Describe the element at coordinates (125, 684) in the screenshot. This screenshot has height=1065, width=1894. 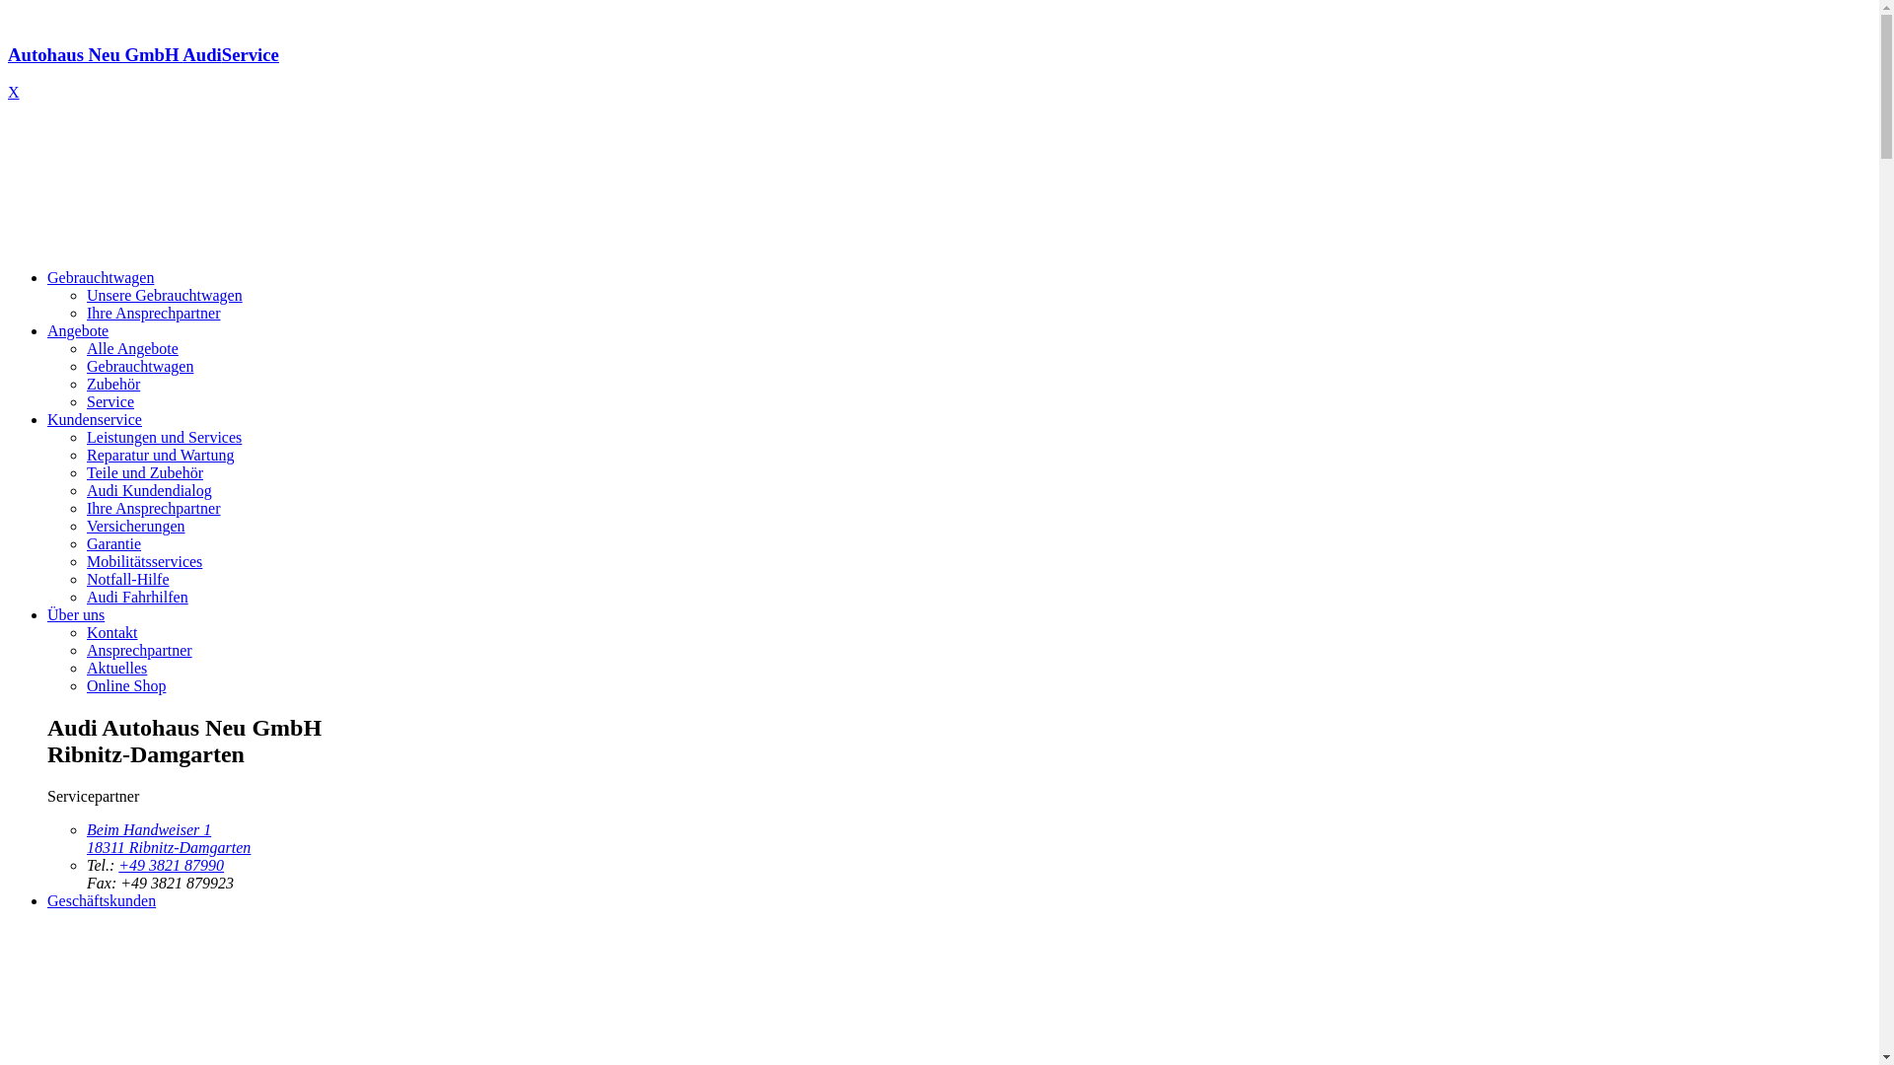
I see `'Online Shop'` at that location.